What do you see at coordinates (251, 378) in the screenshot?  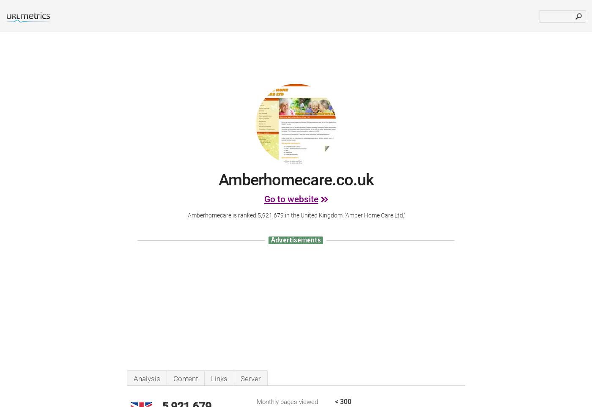 I see `'Server'` at bounding box center [251, 378].